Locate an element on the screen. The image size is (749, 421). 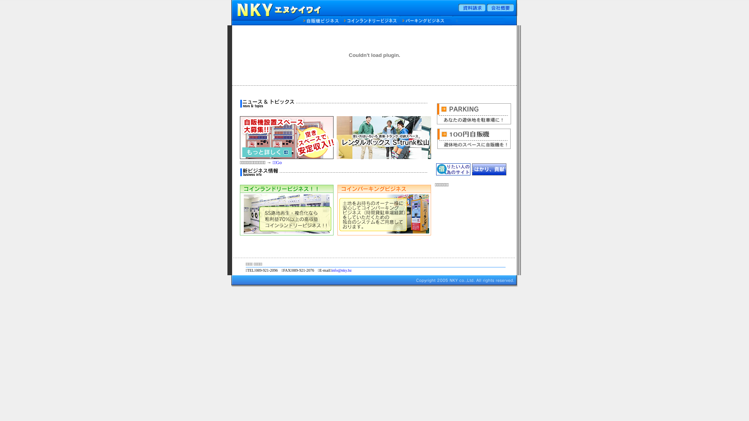
'info@nky.bz' is located at coordinates (331, 270).